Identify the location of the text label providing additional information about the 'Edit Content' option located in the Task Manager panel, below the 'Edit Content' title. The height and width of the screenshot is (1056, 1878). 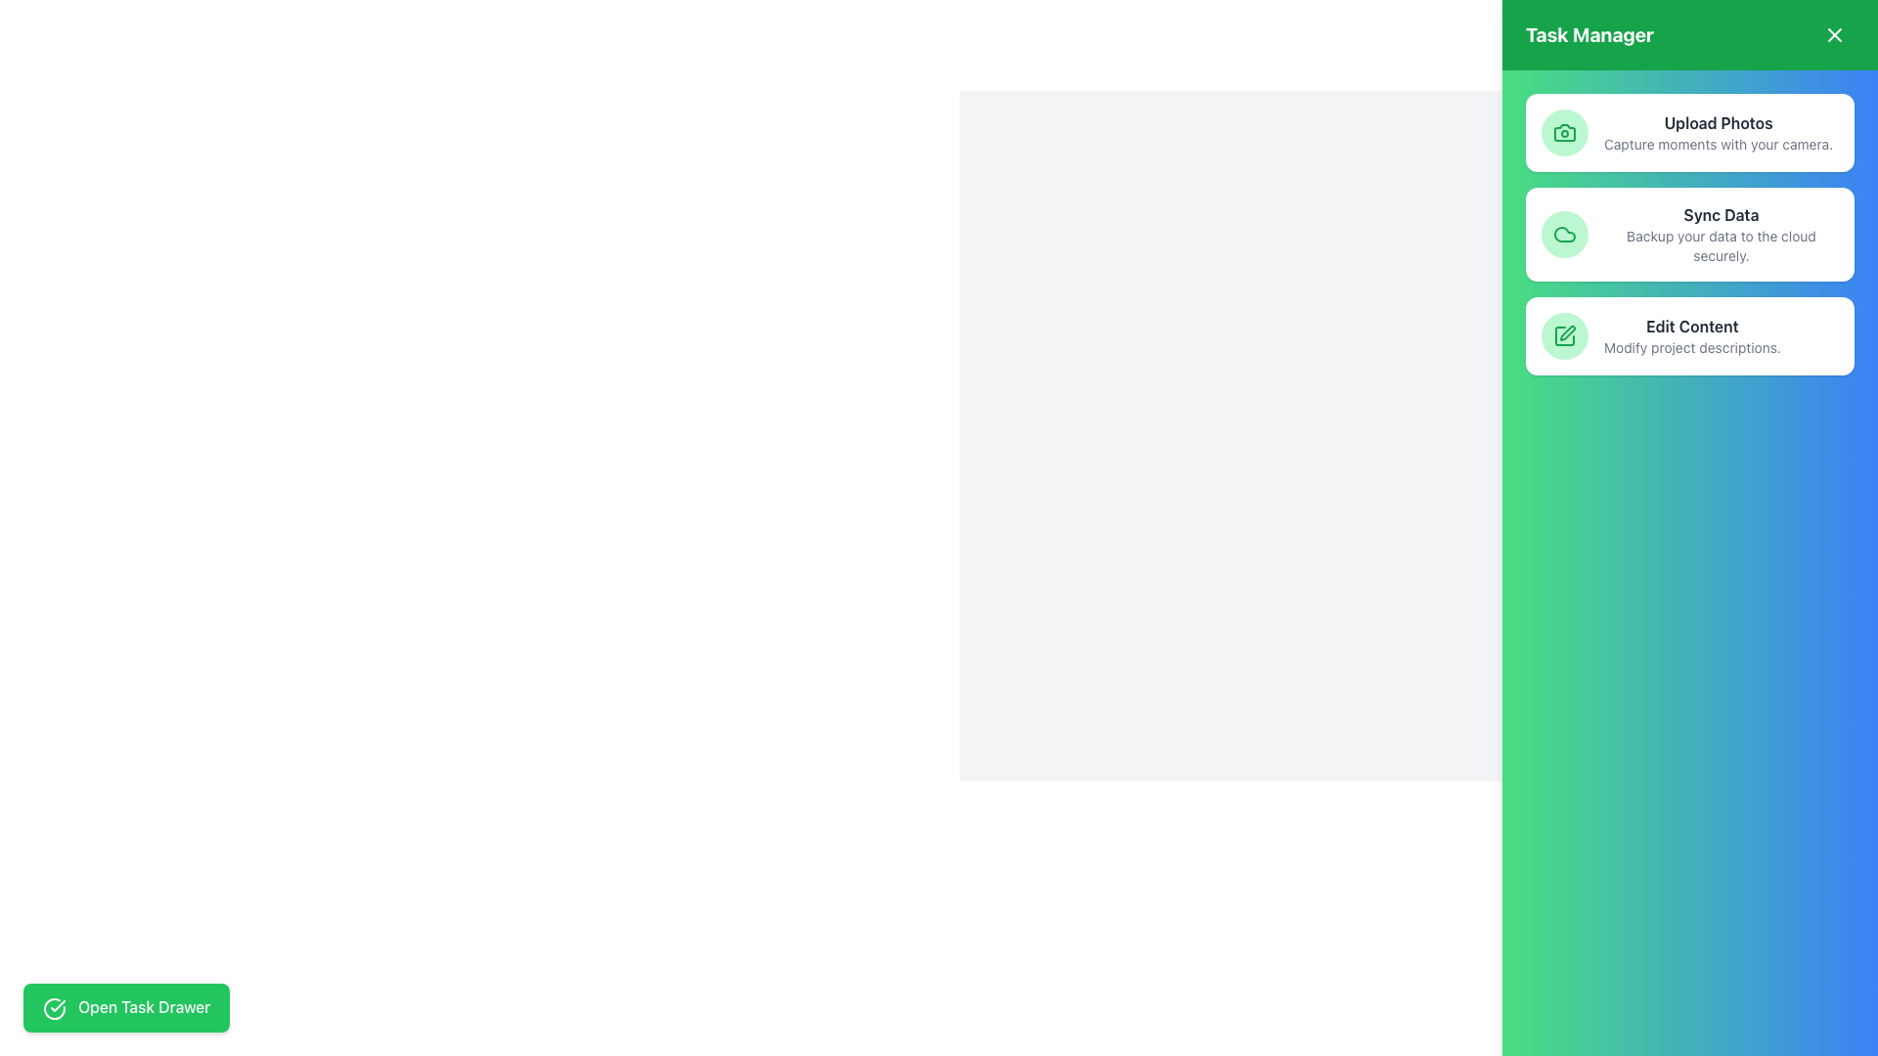
(1691, 346).